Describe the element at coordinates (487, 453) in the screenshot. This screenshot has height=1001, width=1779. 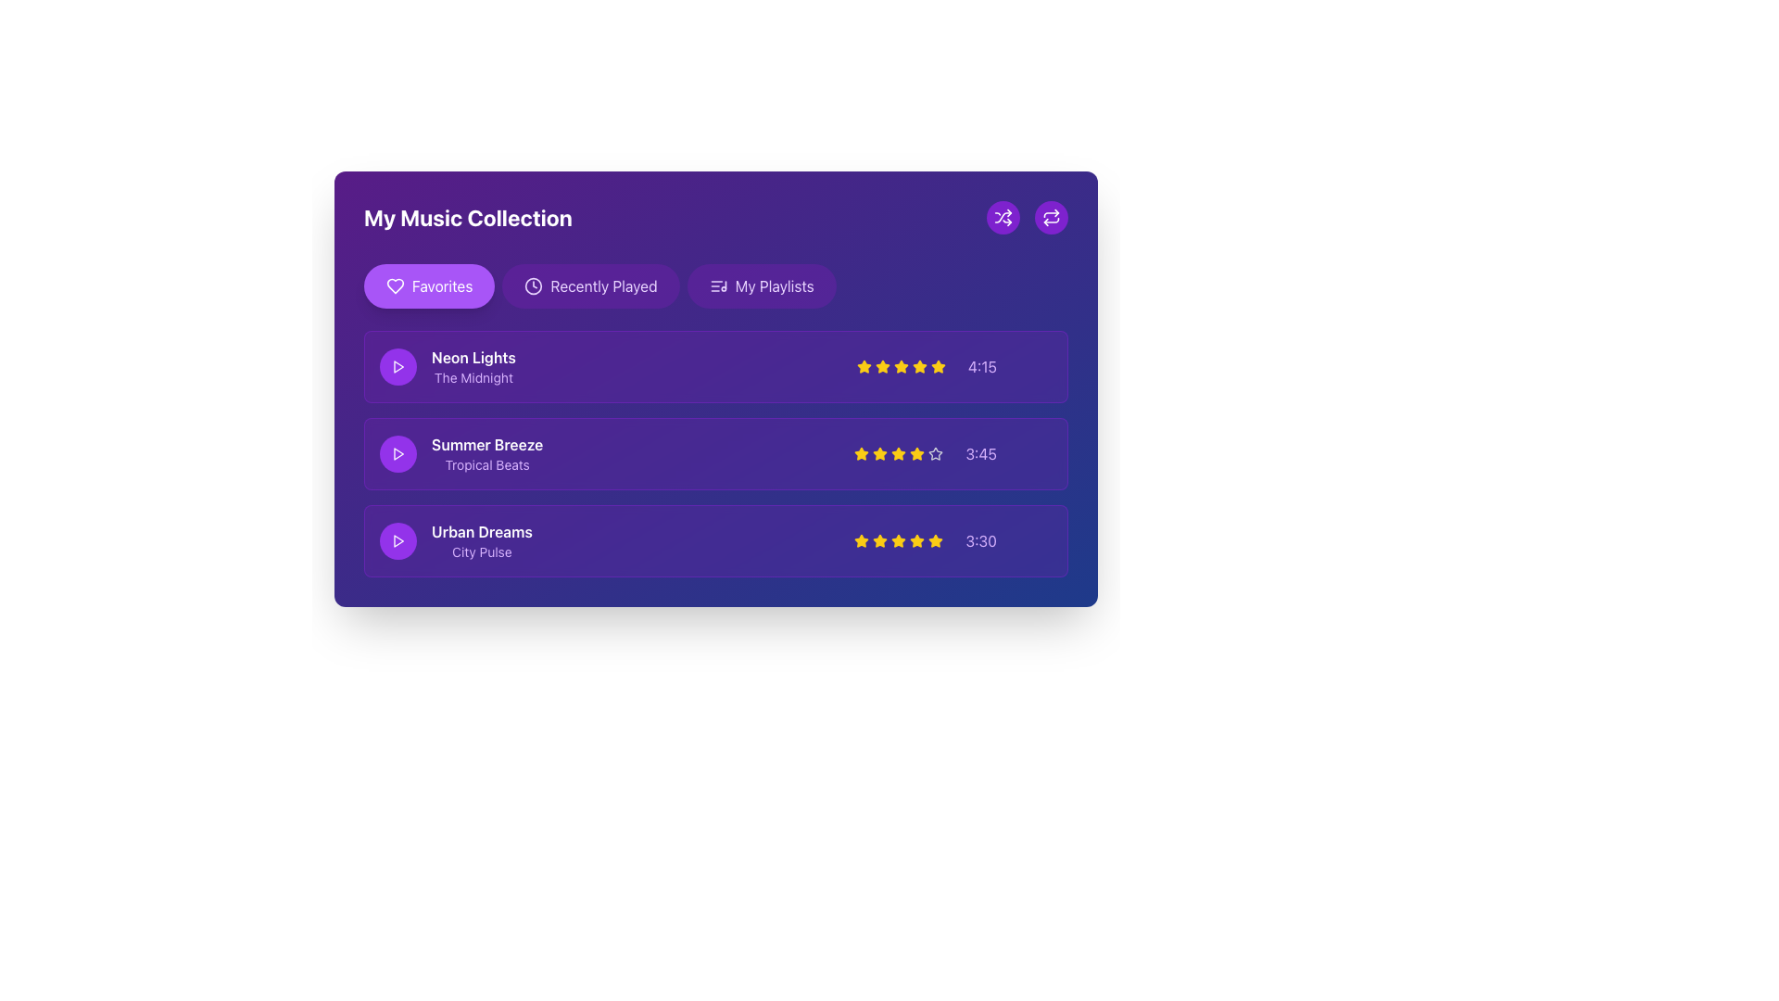
I see `the second item in the vertically aligned list of songs that displays the title 'Summer Breeze' and its description 'Tropical Beats'. This element is non-interactive and serves solely for information display` at that location.